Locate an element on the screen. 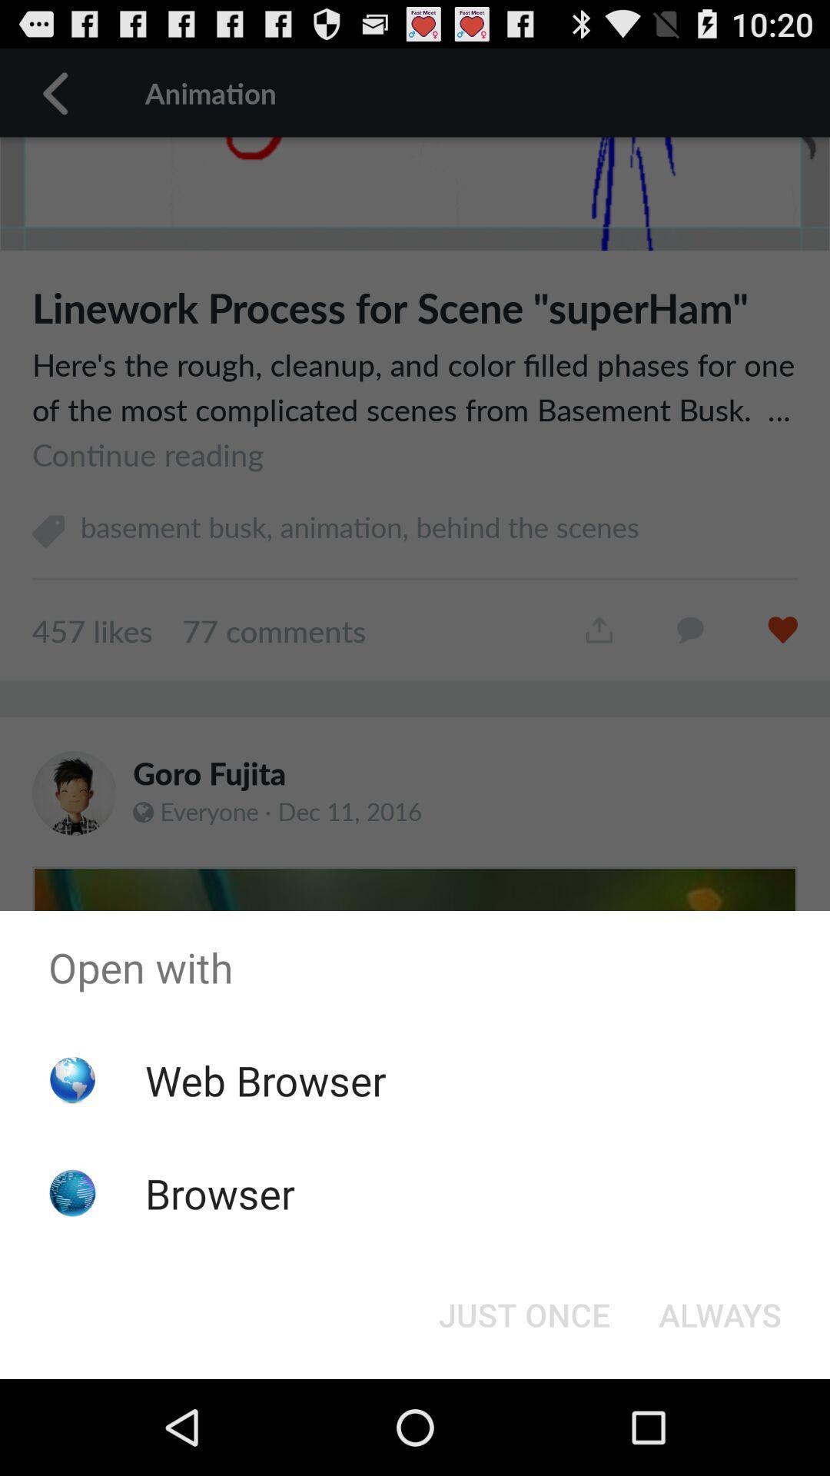 Image resolution: width=830 pixels, height=1476 pixels. the item at the bottom right corner is located at coordinates (720, 1313).